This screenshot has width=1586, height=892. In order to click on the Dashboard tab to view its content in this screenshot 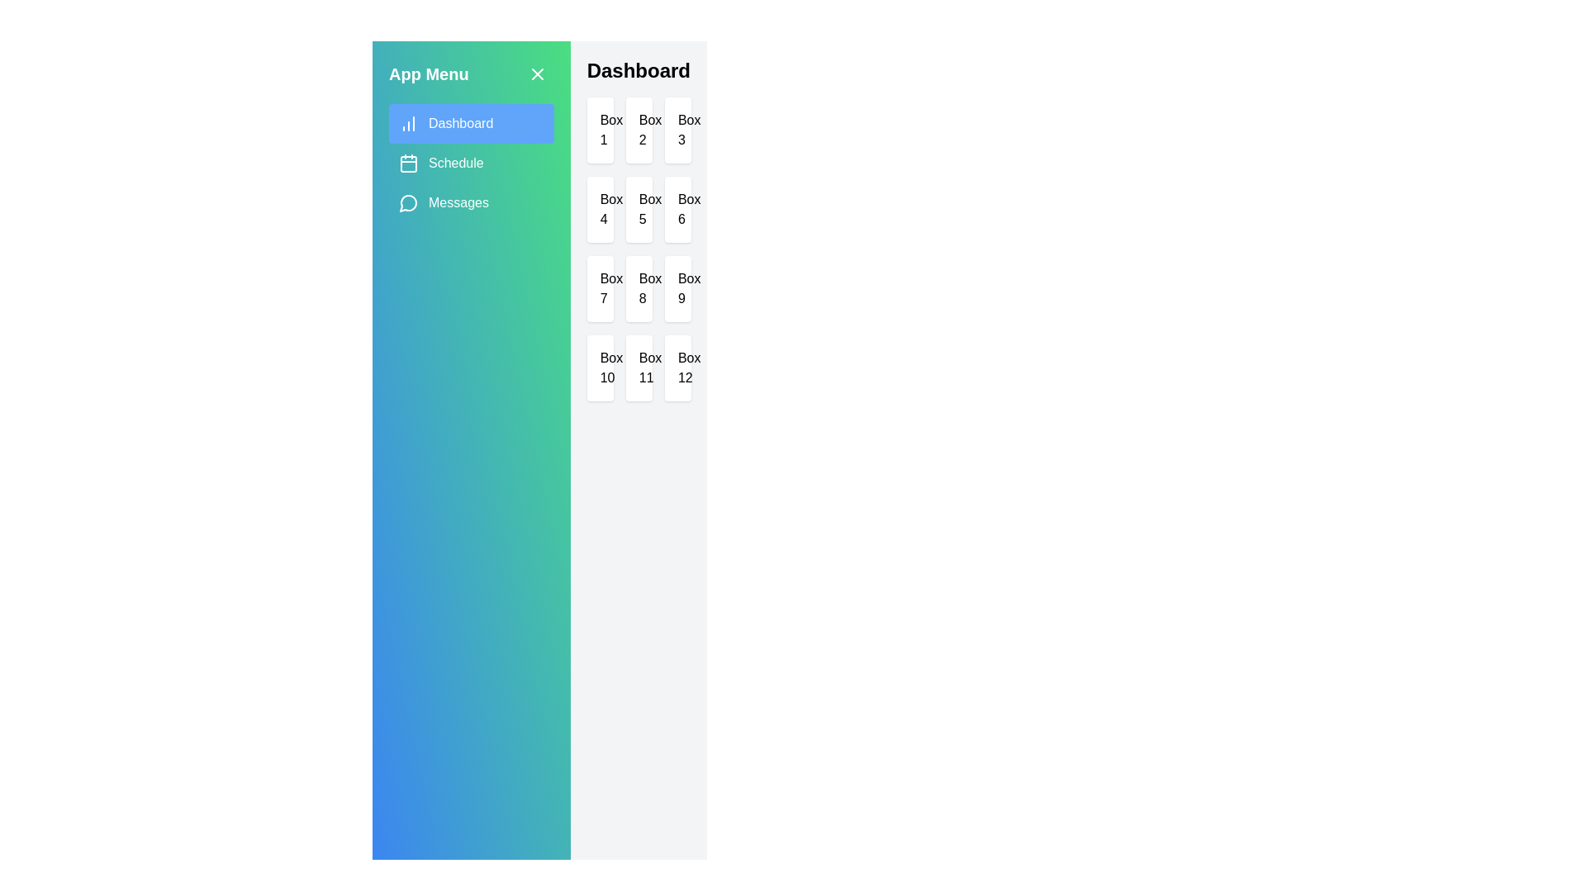, I will do `click(470, 123)`.